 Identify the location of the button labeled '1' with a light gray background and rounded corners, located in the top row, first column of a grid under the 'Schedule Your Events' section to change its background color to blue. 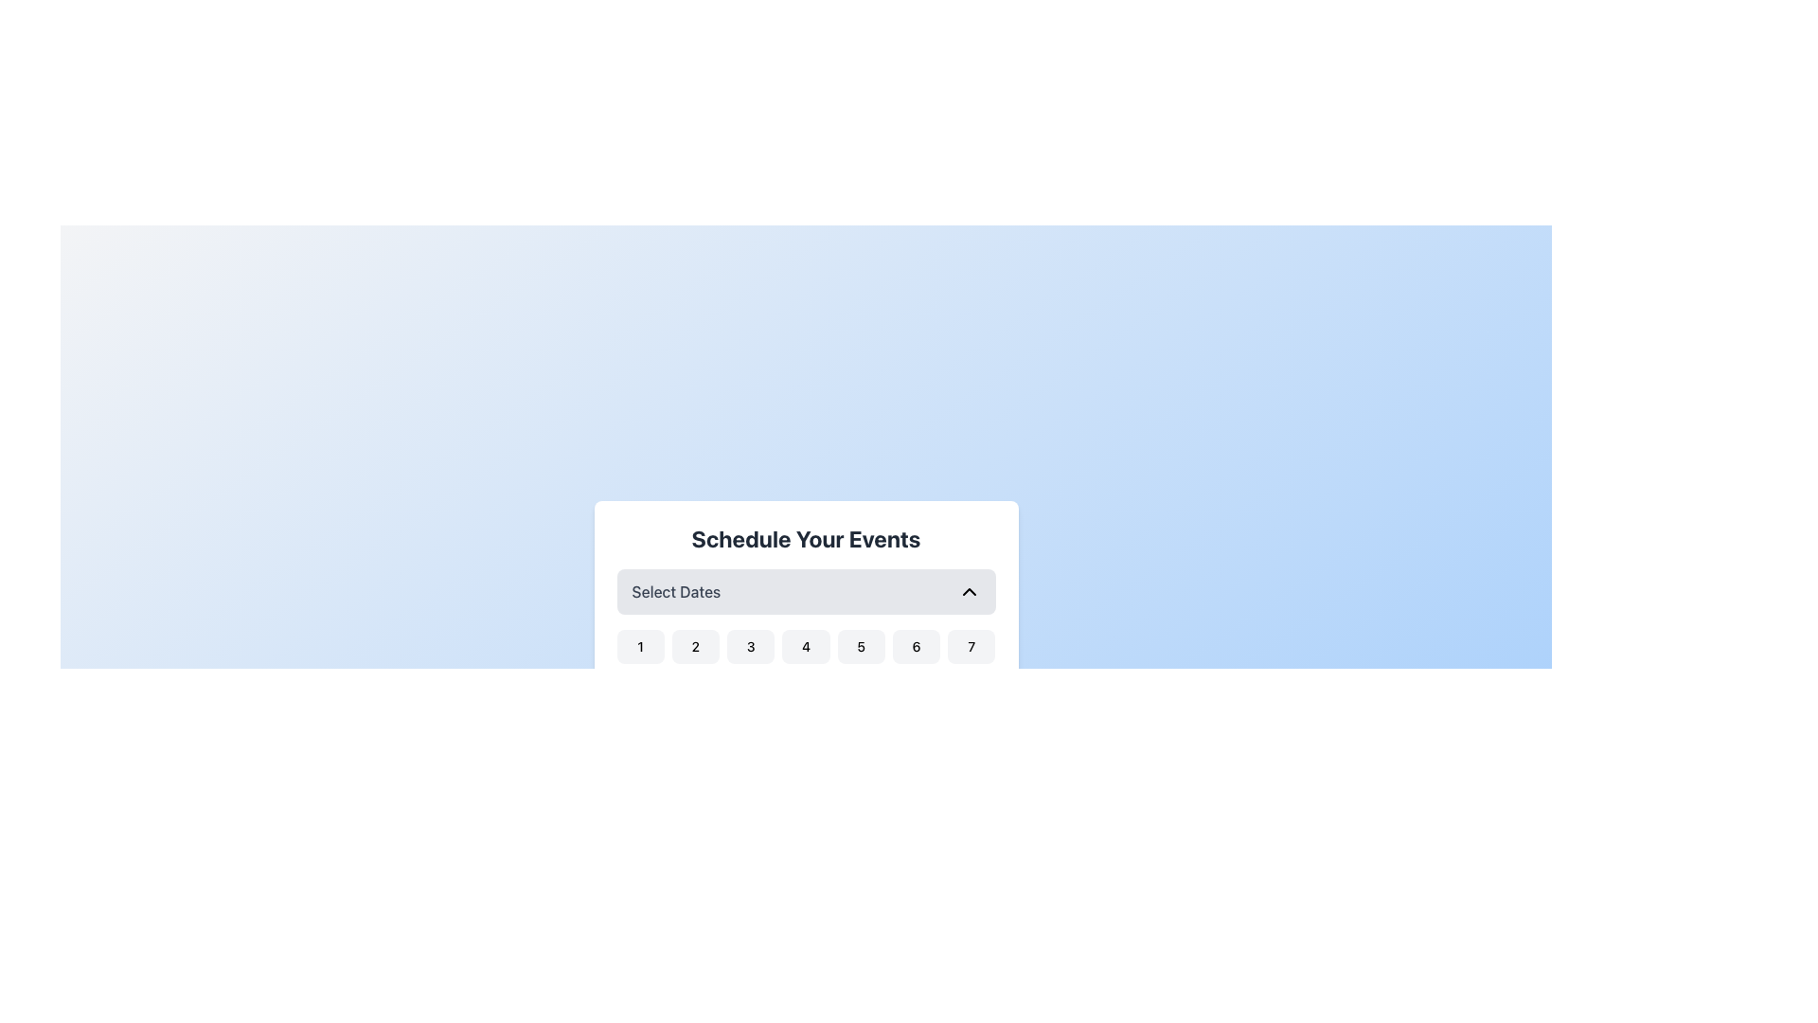
(640, 646).